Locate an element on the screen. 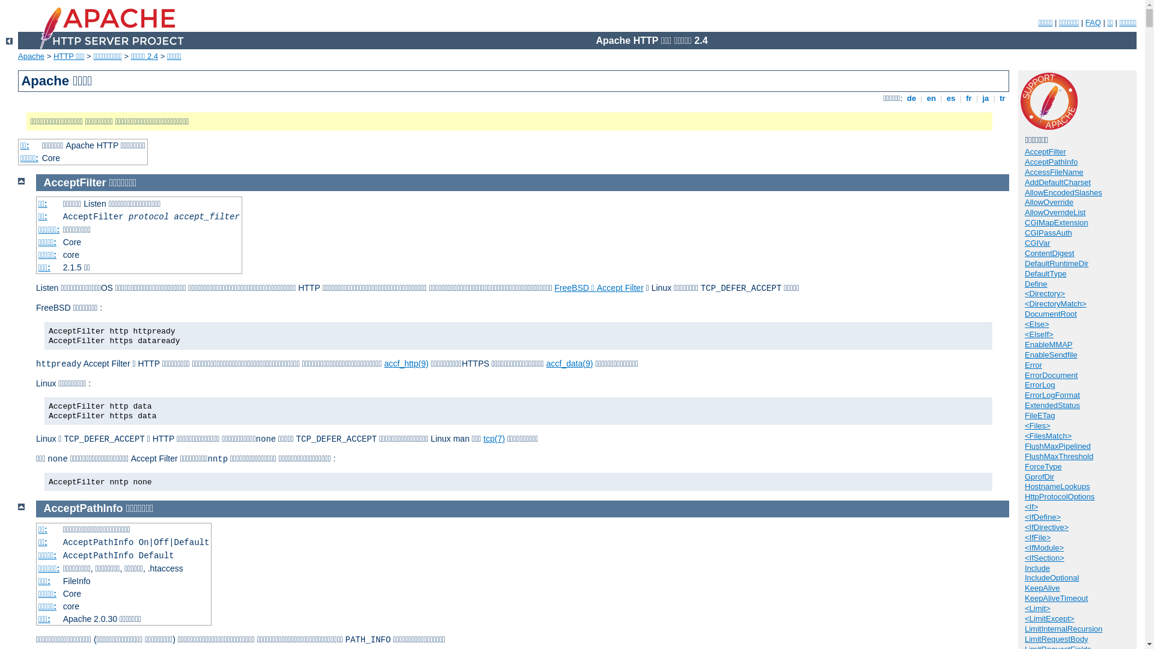  '<IfDefine>' is located at coordinates (1042, 516).